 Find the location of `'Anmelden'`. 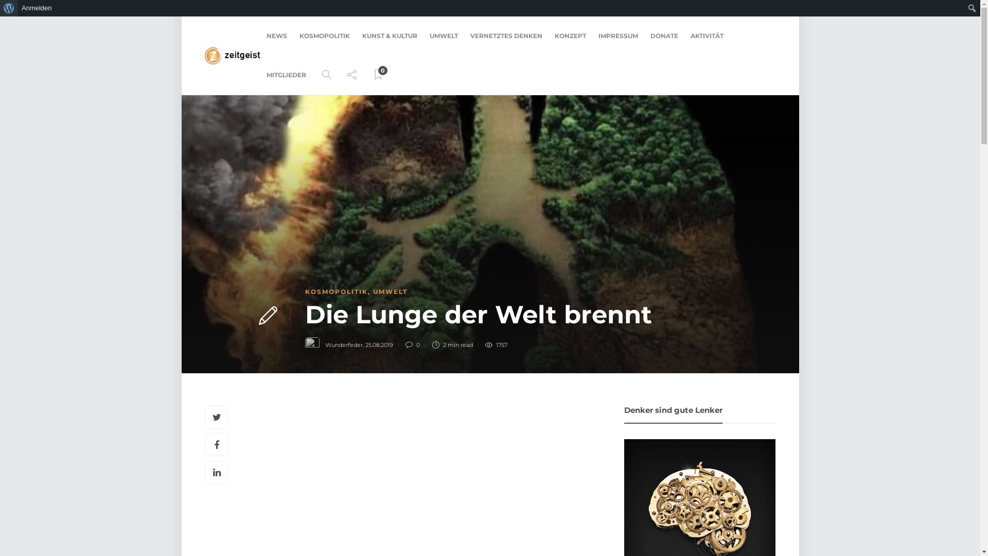

'Anmelden' is located at coordinates (37, 8).